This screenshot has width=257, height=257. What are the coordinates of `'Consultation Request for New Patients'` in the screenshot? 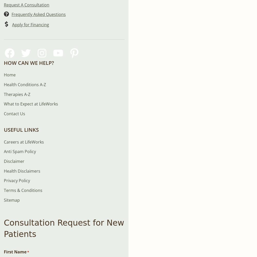 It's located at (64, 228).